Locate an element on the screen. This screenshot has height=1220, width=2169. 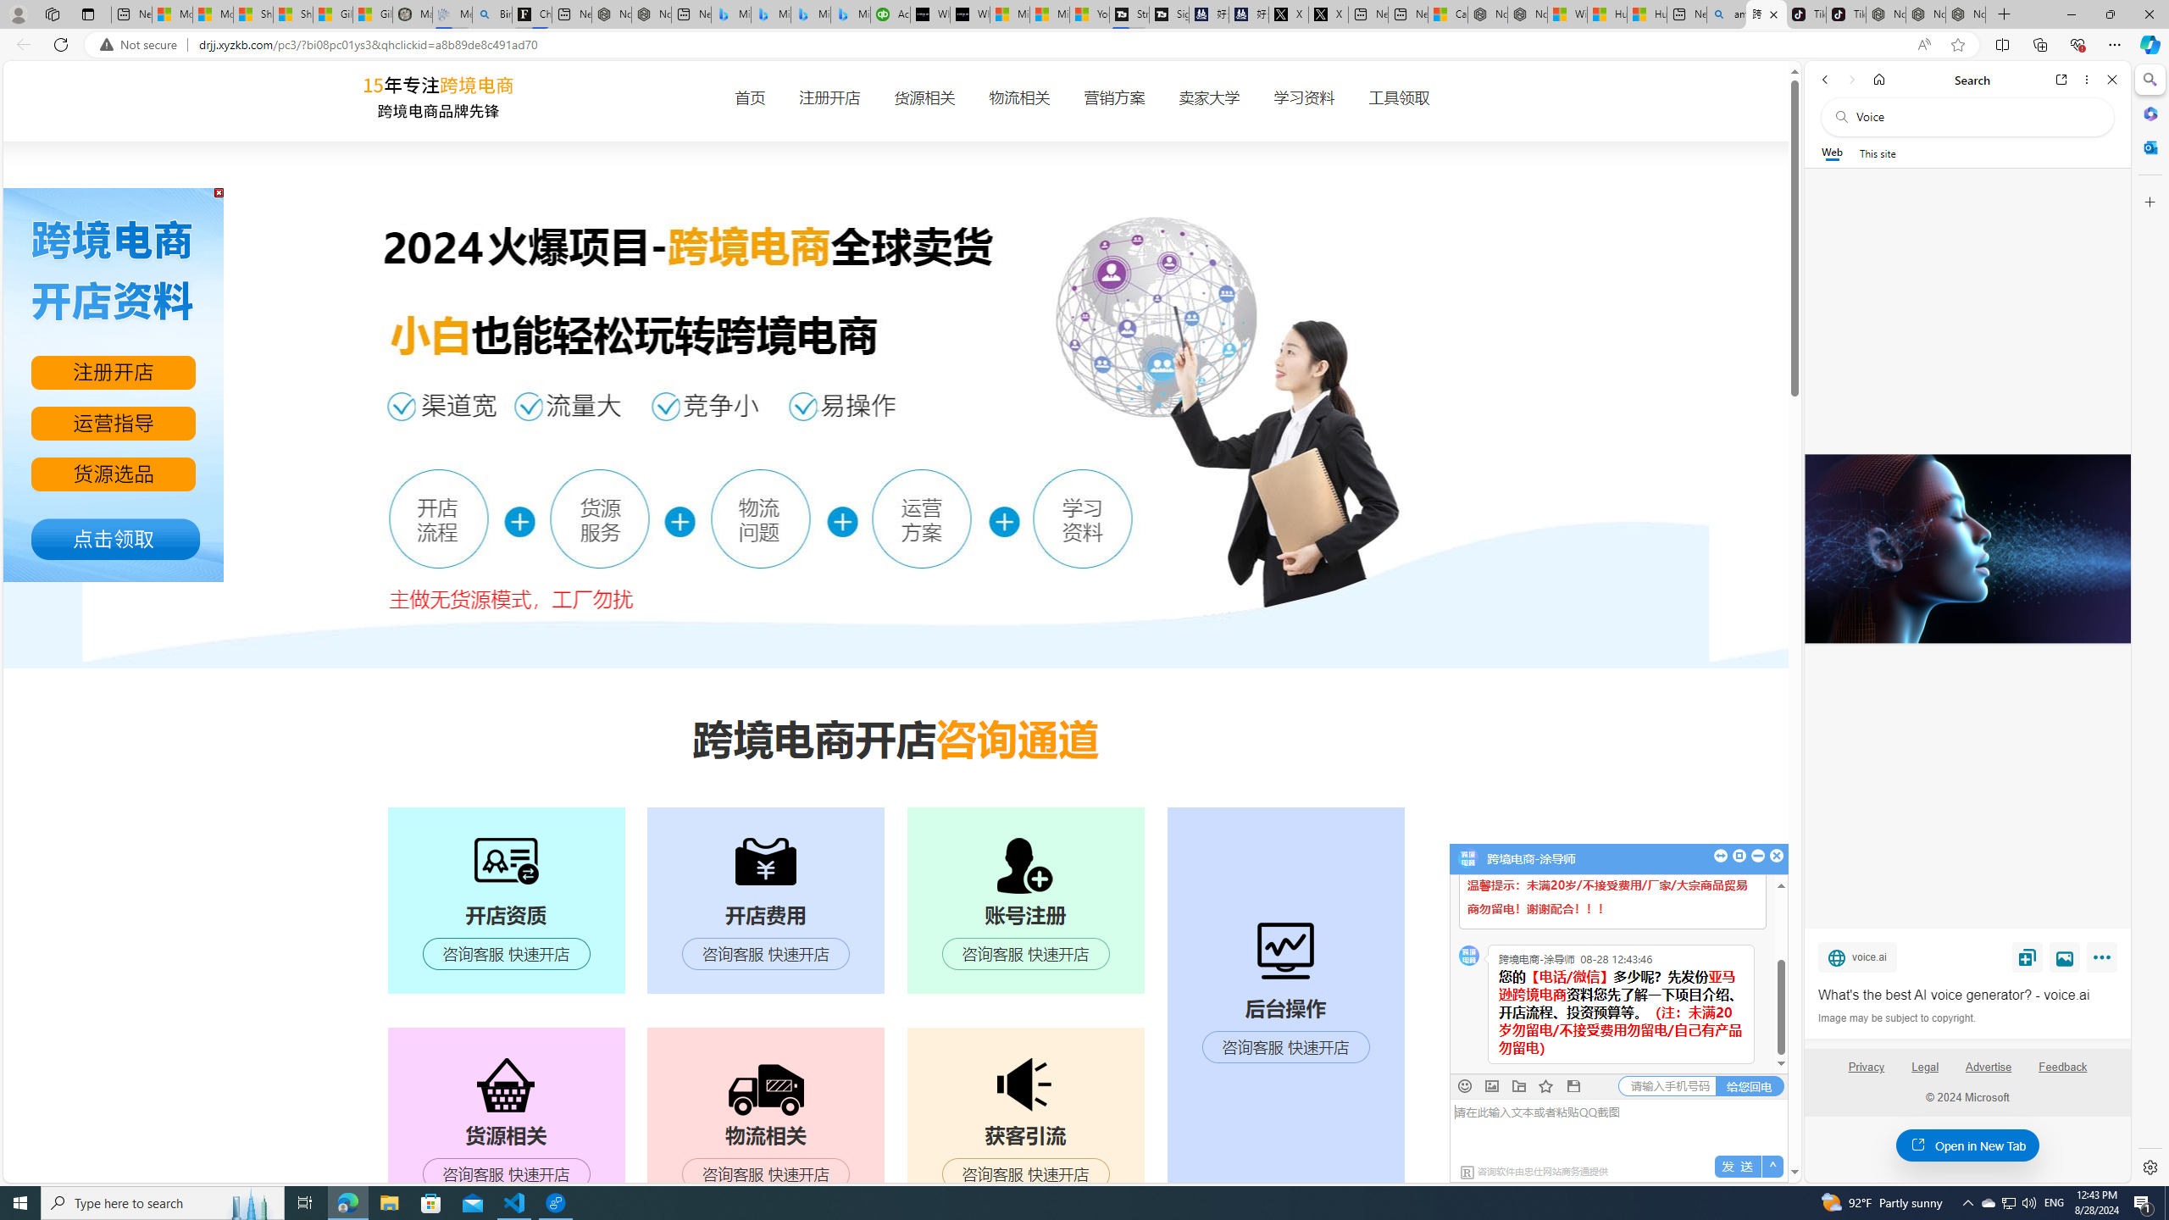
'Legal' is located at coordinates (1924, 1073).